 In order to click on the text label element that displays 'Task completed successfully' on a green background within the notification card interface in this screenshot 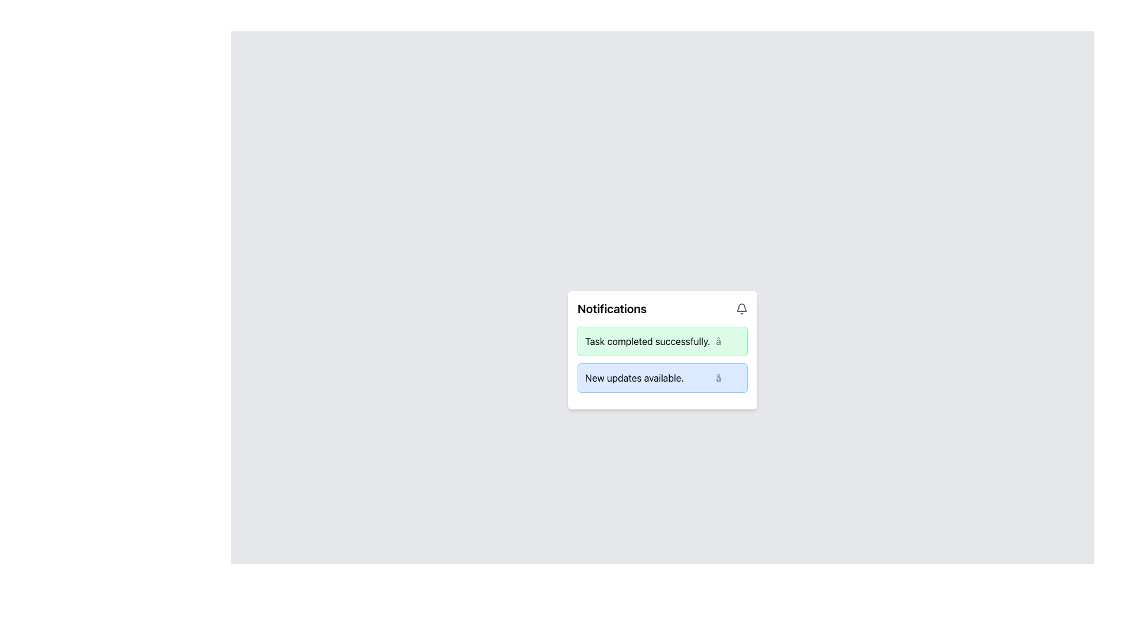, I will do `click(647, 341)`.